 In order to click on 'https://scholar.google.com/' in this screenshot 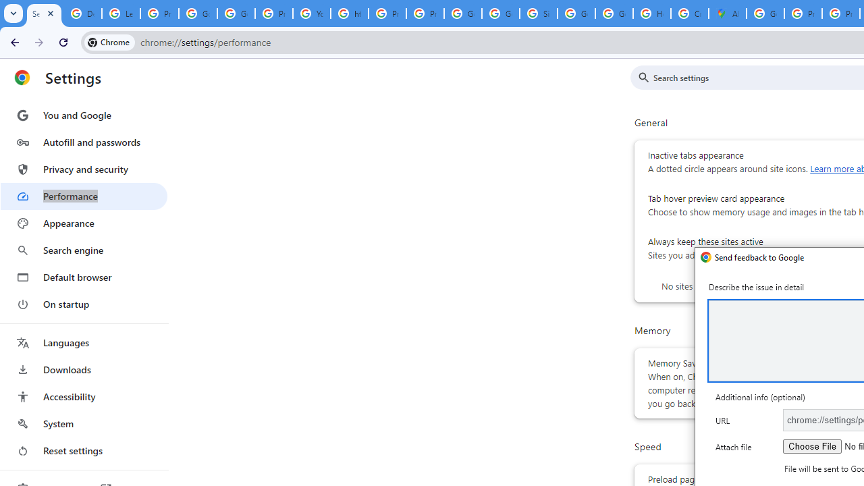, I will do `click(350, 13)`.